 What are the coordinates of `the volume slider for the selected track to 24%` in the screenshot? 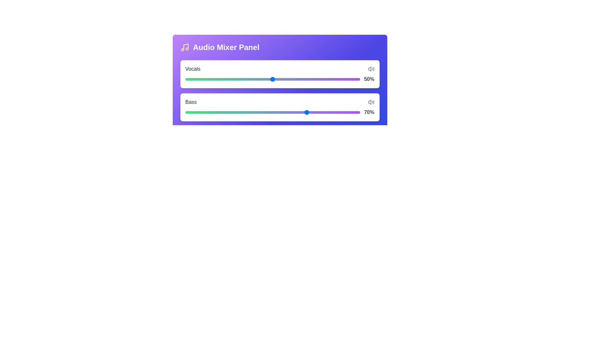 It's located at (227, 78).